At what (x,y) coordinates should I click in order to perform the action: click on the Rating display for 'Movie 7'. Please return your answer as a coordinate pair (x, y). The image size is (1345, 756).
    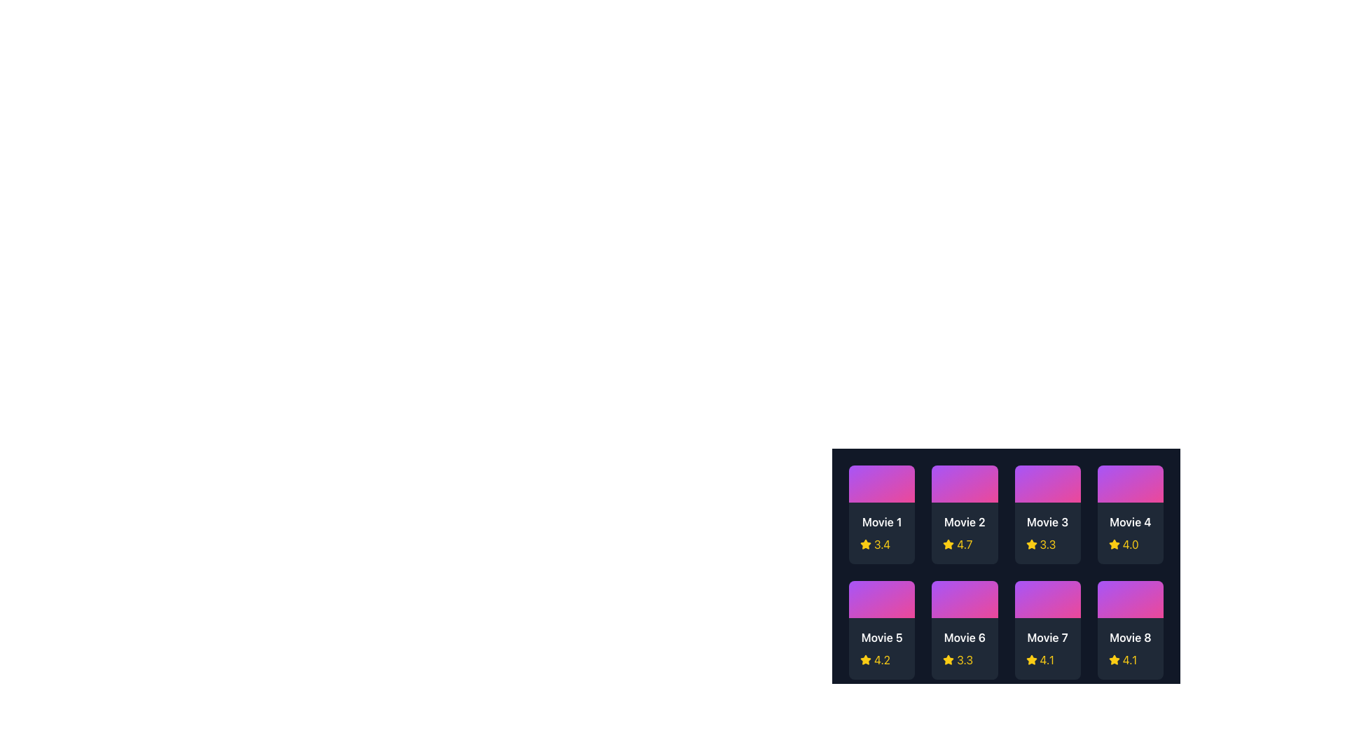
    Looking at the image, I should click on (1047, 660).